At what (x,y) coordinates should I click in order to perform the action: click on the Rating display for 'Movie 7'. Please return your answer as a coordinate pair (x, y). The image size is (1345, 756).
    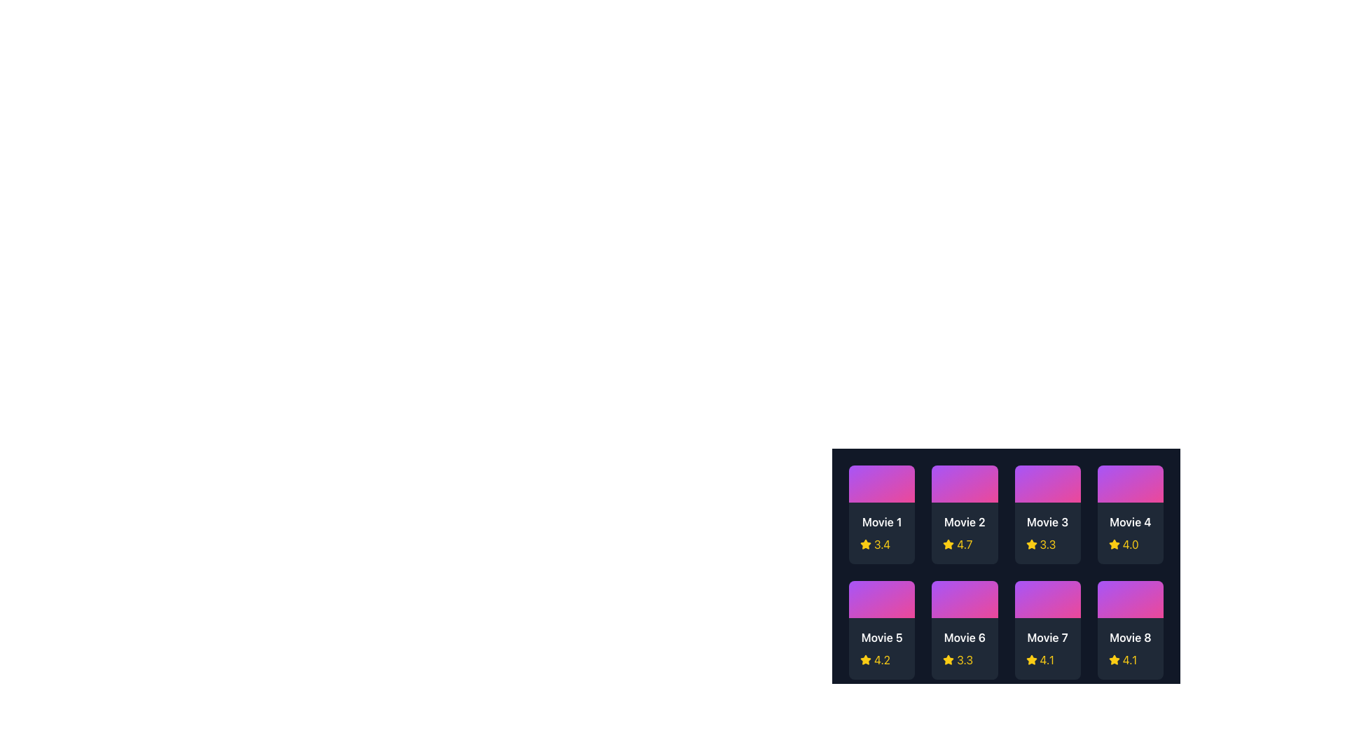
    Looking at the image, I should click on (1047, 660).